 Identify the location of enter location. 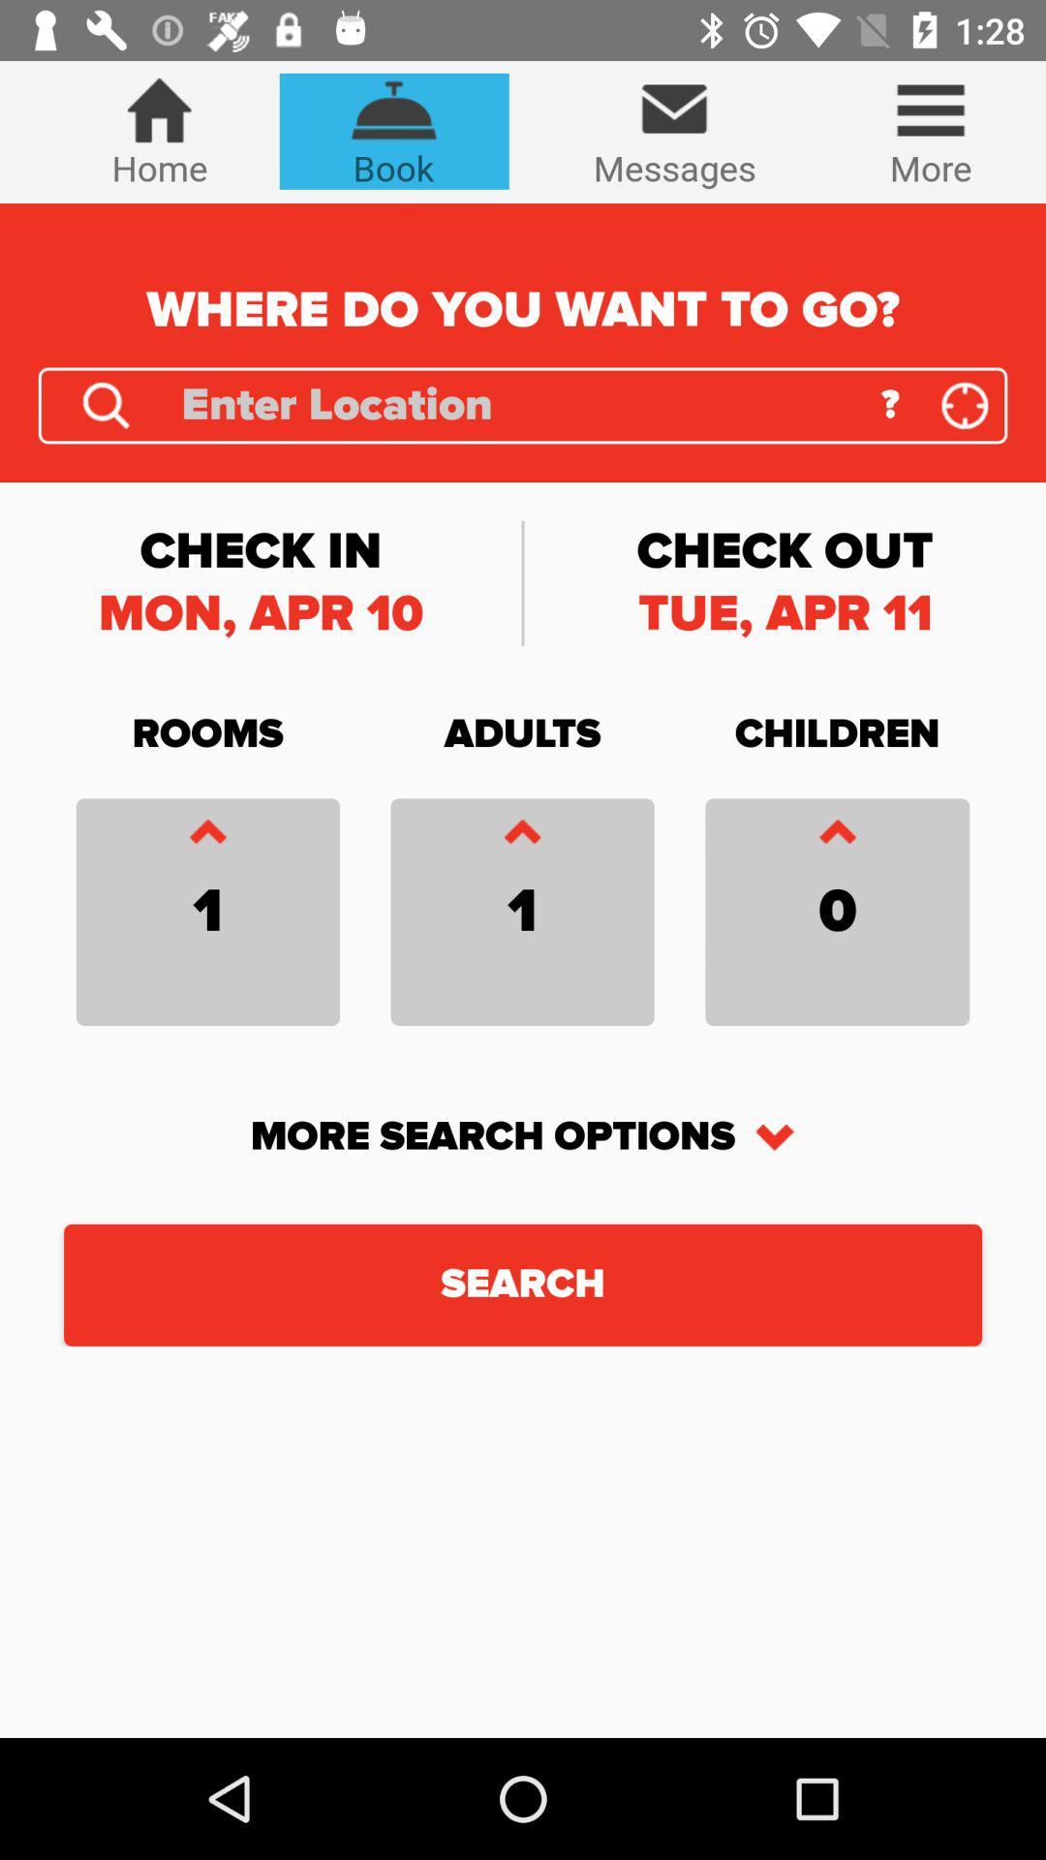
(516, 404).